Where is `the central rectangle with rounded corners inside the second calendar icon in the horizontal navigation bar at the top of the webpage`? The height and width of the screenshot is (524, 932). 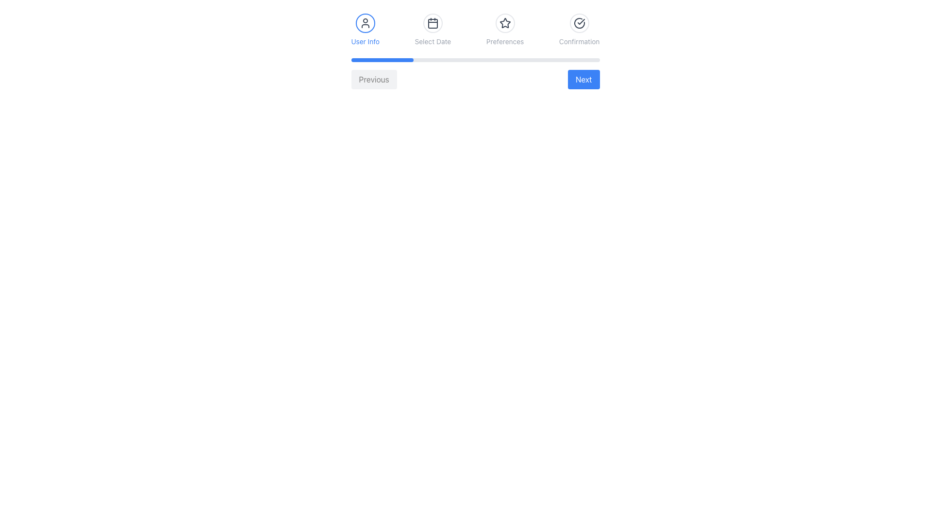 the central rectangle with rounded corners inside the second calendar icon in the horizontal navigation bar at the top of the webpage is located at coordinates (432, 23).